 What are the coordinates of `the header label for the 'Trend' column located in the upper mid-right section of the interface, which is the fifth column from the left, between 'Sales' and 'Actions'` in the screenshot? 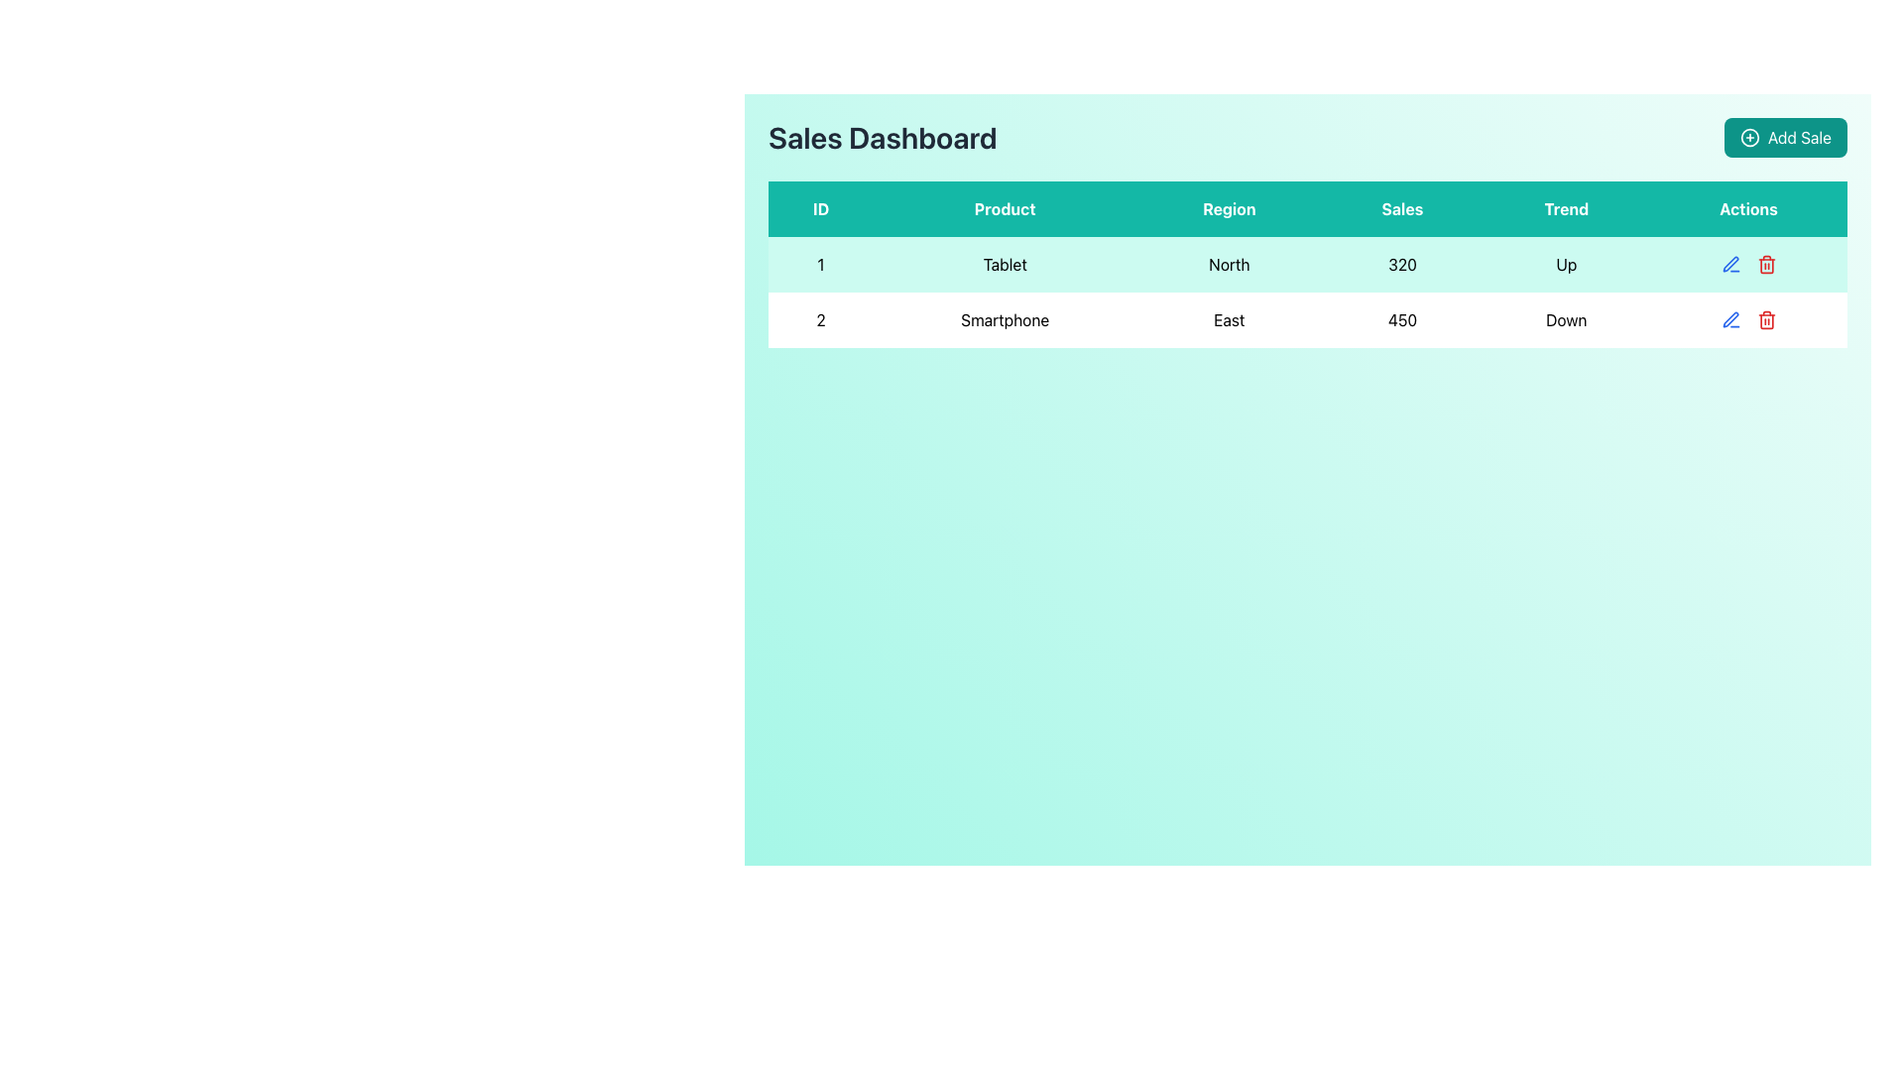 It's located at (1565, 209).